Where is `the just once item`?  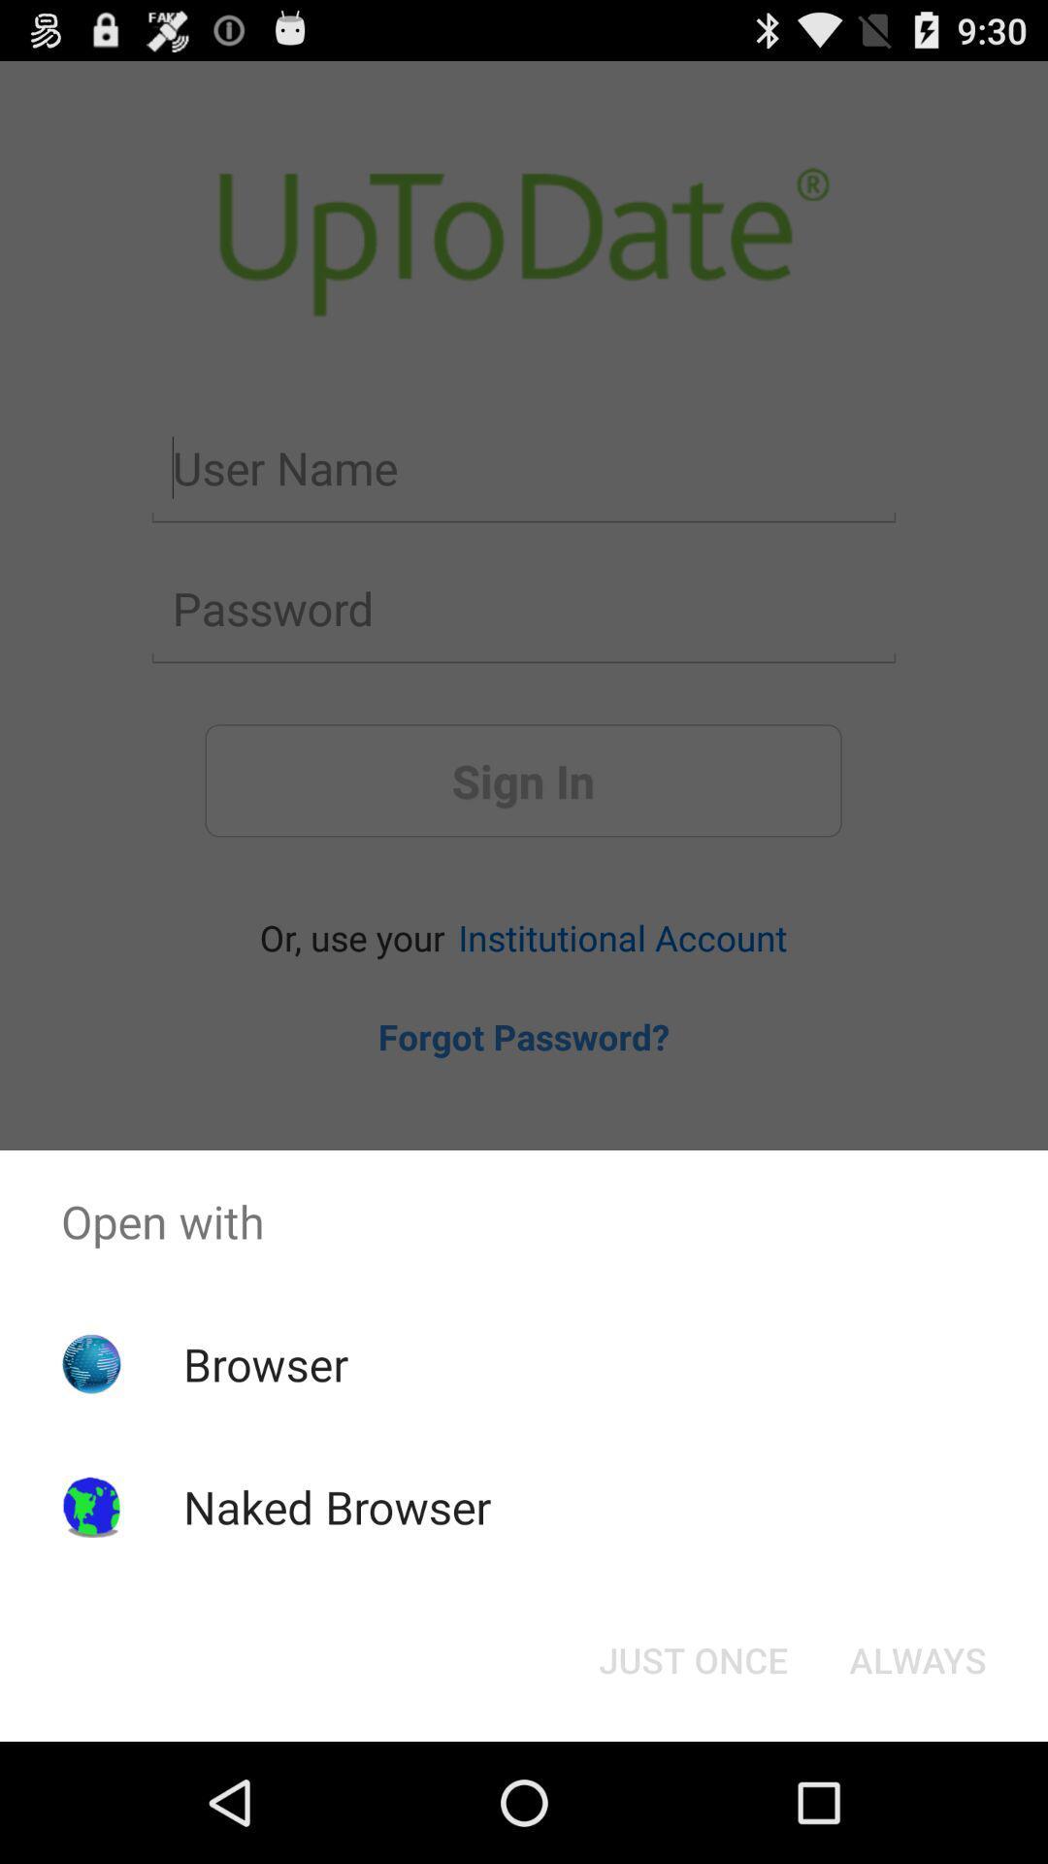 the just once item is located at coordinates (692, 1658).